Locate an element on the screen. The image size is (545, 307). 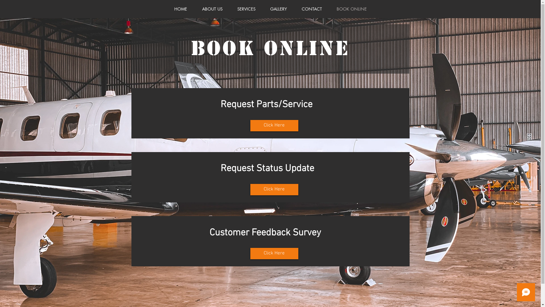
'Click Here' is located at coordinates (274, 125).